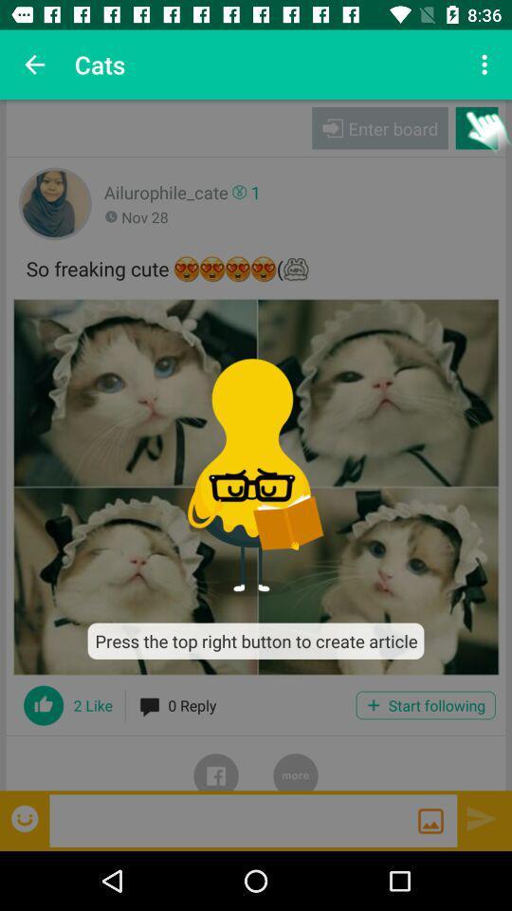  I want to click on the emoji icon, so click(26, 817).